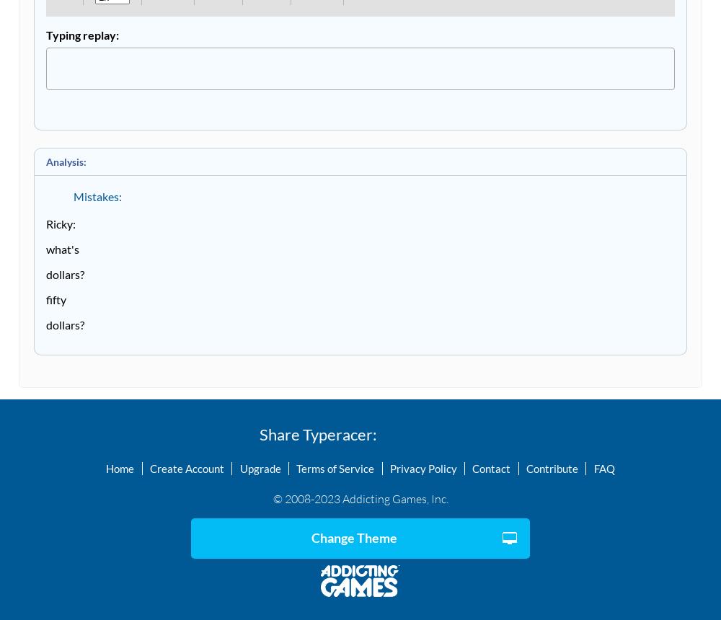  I want to click on 'what's', so click(62, 247).